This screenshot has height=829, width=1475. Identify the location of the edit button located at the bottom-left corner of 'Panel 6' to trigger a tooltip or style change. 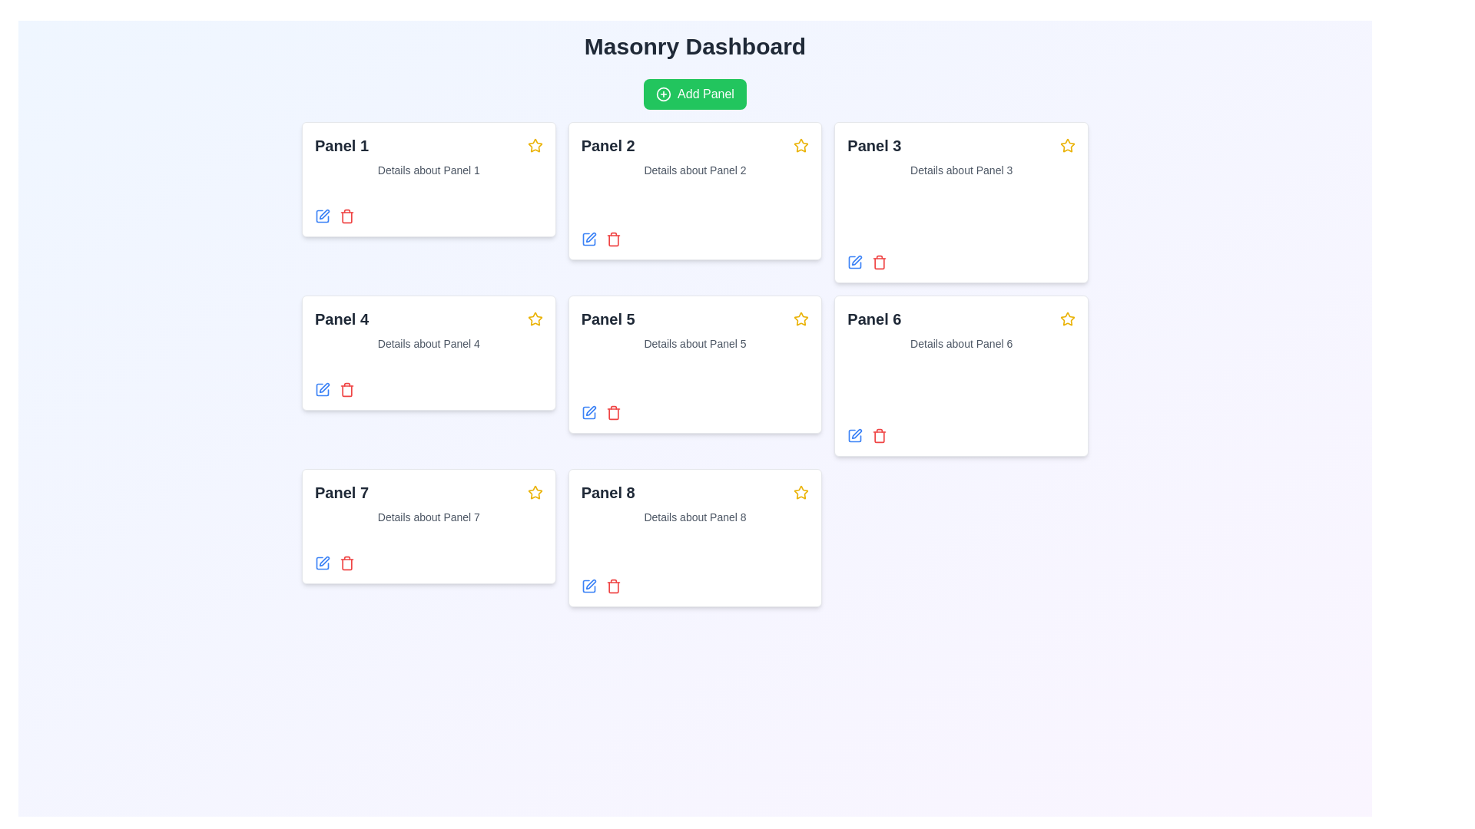
(854, 435).